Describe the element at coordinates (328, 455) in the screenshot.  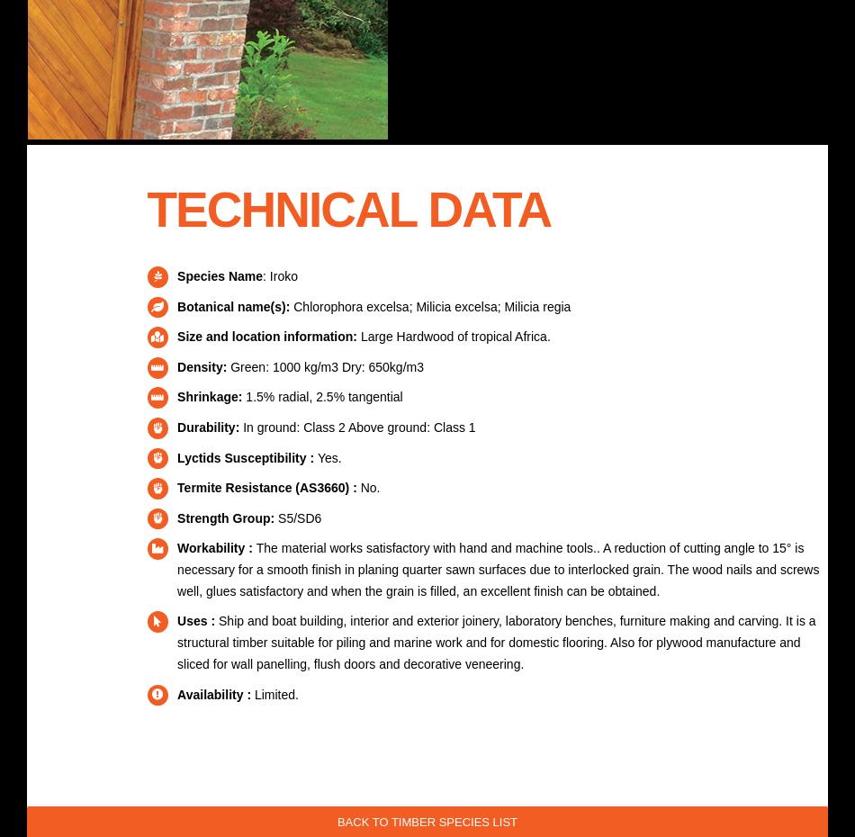
I see `'Yes.'` at that location.